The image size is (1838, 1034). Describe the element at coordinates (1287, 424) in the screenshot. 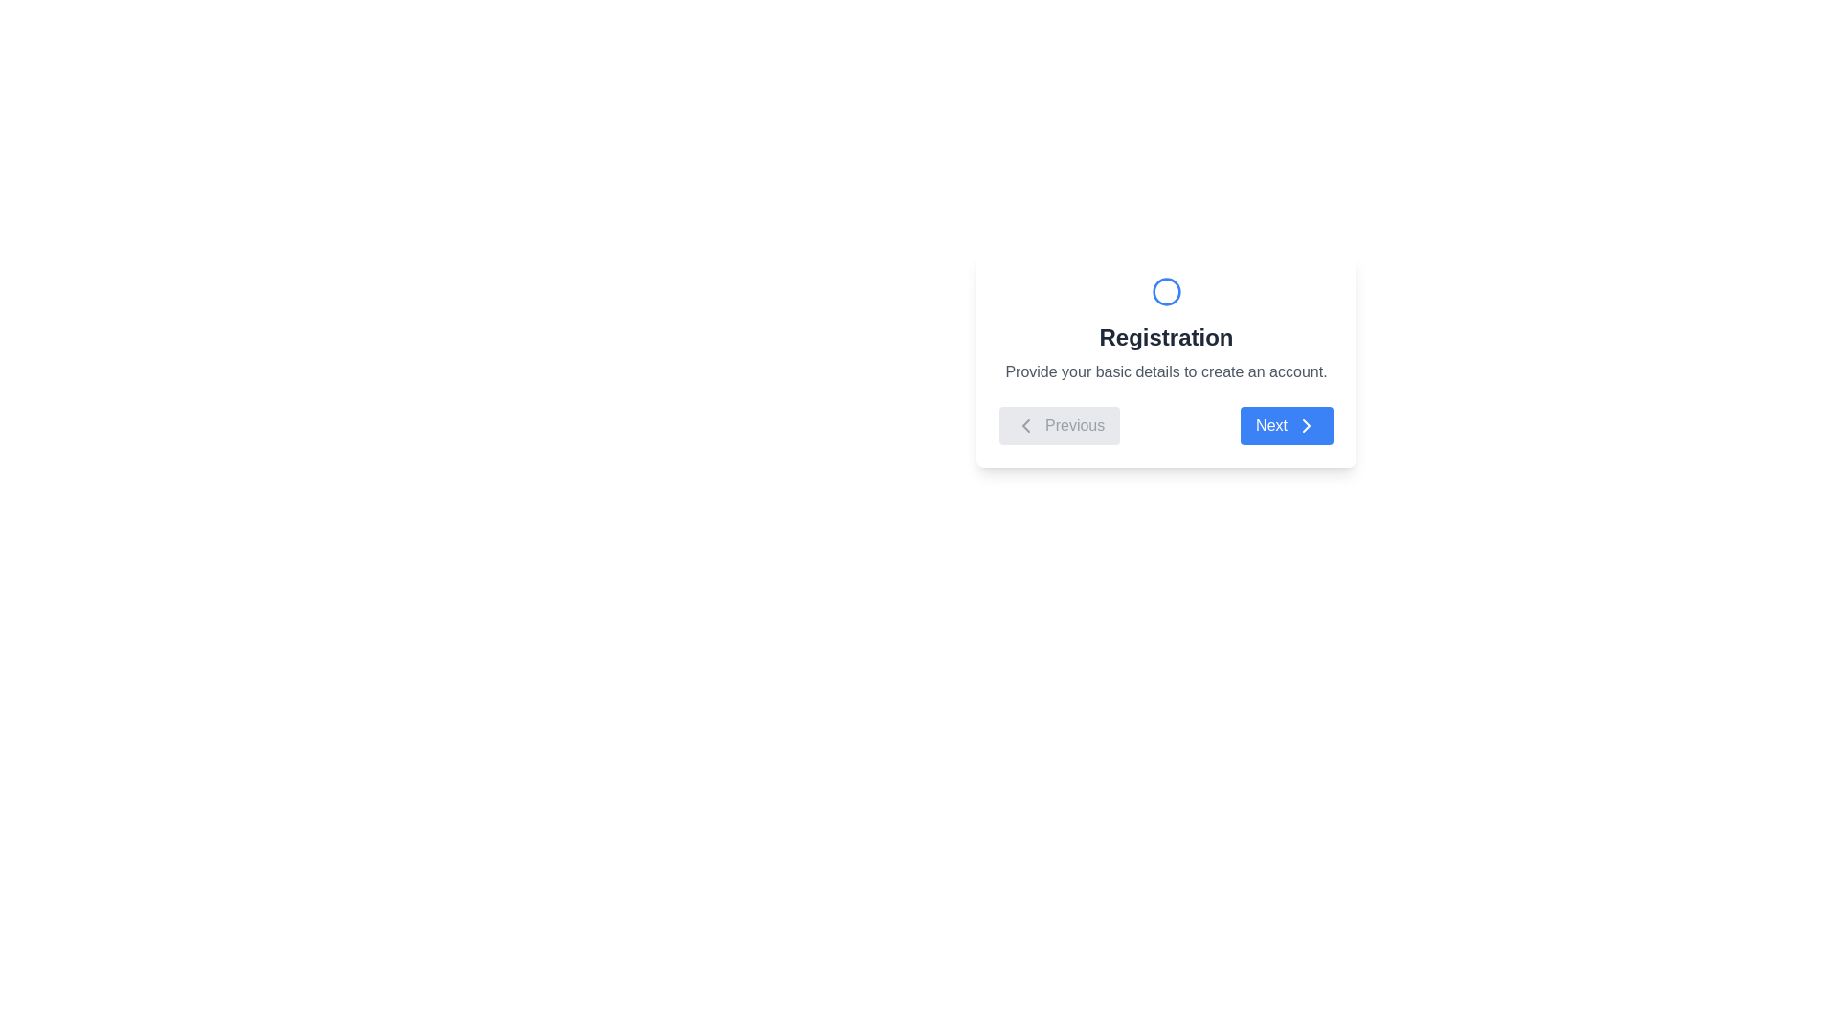

I see `the 'Next' button to navigate to the next step` at that location.